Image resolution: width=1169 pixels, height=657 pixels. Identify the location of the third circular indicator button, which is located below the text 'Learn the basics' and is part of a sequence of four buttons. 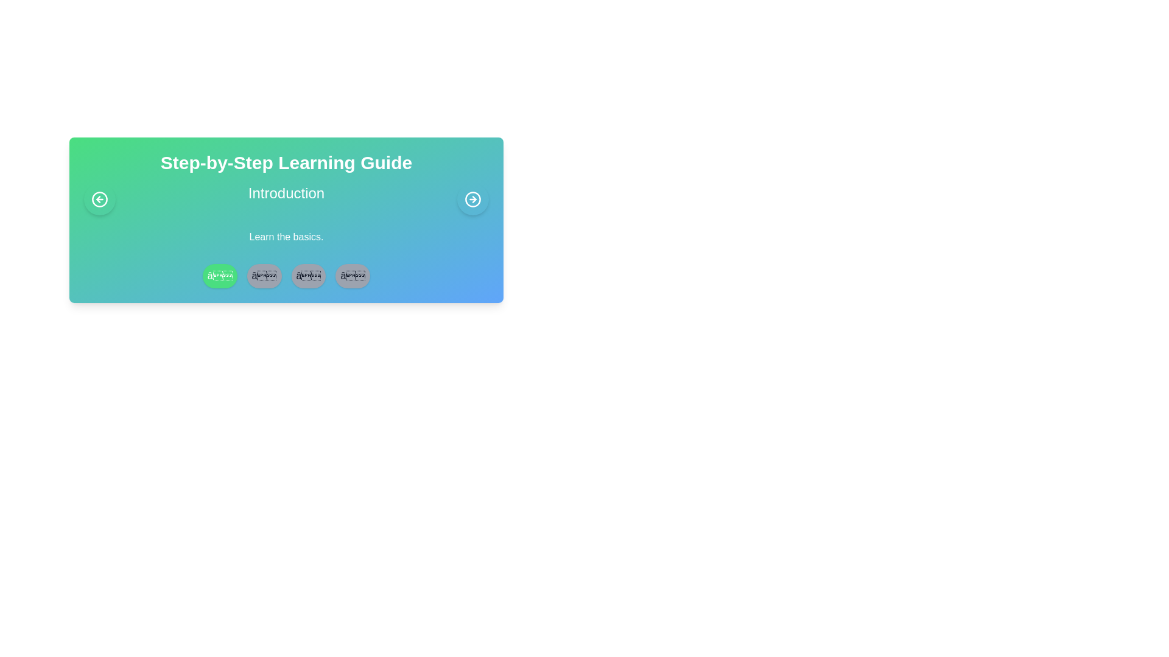
(308, 276).